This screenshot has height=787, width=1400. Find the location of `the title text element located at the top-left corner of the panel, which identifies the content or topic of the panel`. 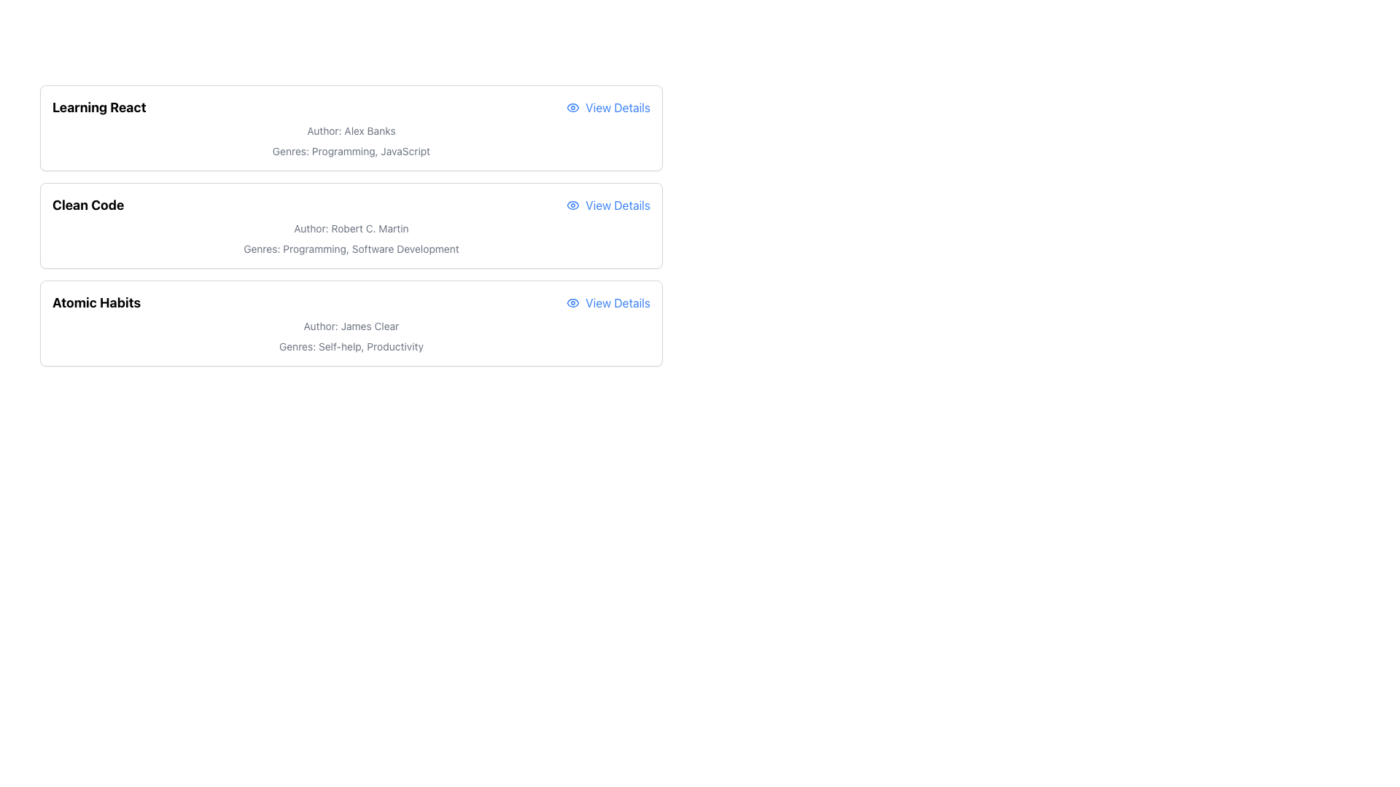

the title text element located at the top-left corner of the panel, which identifies the content or topic of the panel is located at coordinates (98, 106).